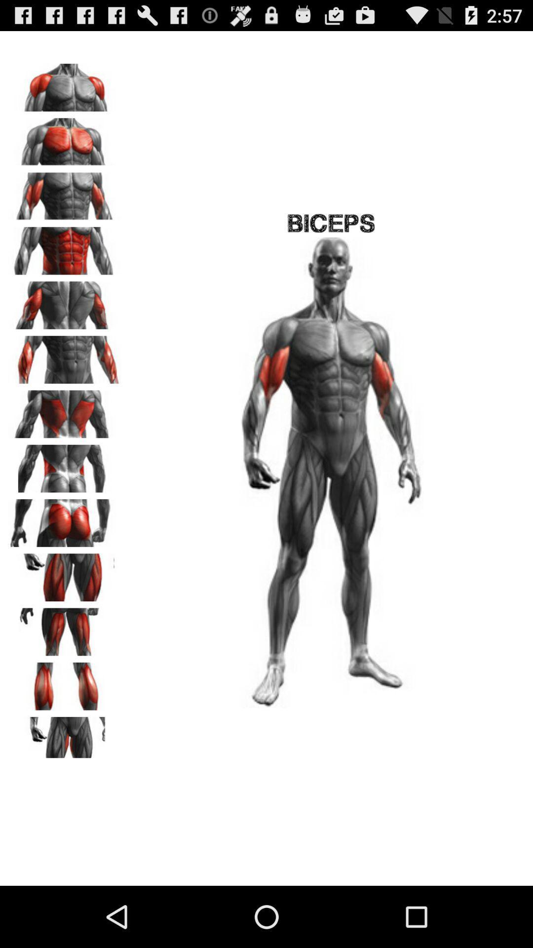  What do you see at coordinates (65, 574) in the screenshot?
I see `leg` at bounding box center [65, 574].